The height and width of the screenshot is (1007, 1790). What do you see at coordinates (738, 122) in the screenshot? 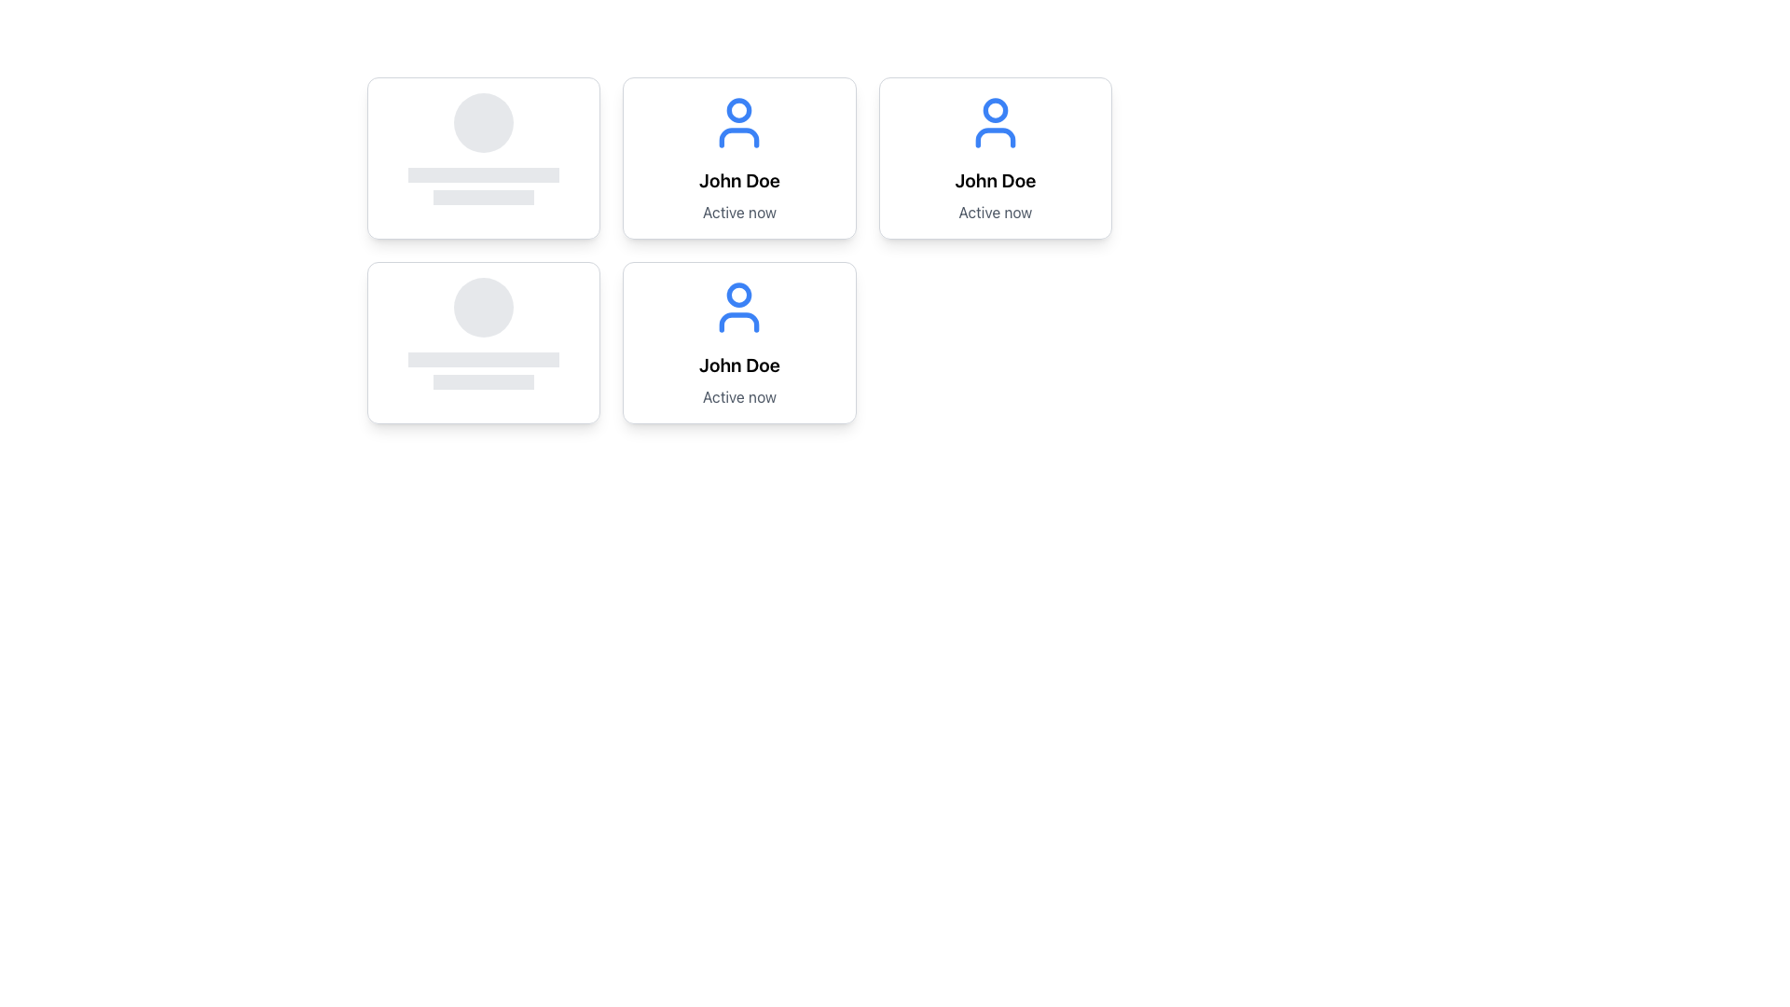
I see `the graphical icon representing the user profile of 'John Doe', located in the upper-right card of a 2-row, 3-column grid layout` at bounding box center [738, 122].